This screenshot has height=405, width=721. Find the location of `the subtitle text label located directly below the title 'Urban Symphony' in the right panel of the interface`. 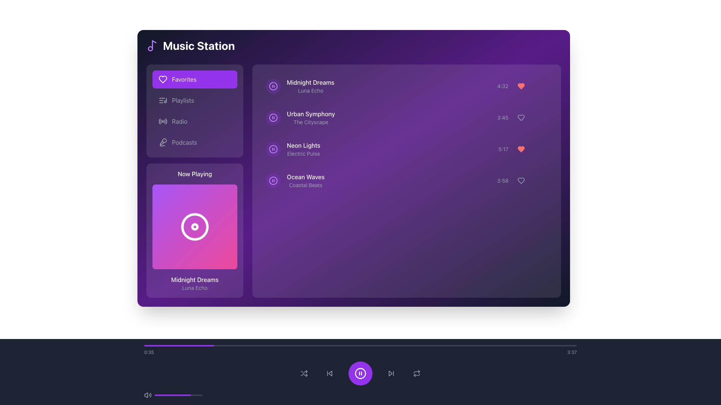

the subtitle text label located directly below the title 'Urban Symphony' in the right panel of the interface is located at coordinates (311, 122).